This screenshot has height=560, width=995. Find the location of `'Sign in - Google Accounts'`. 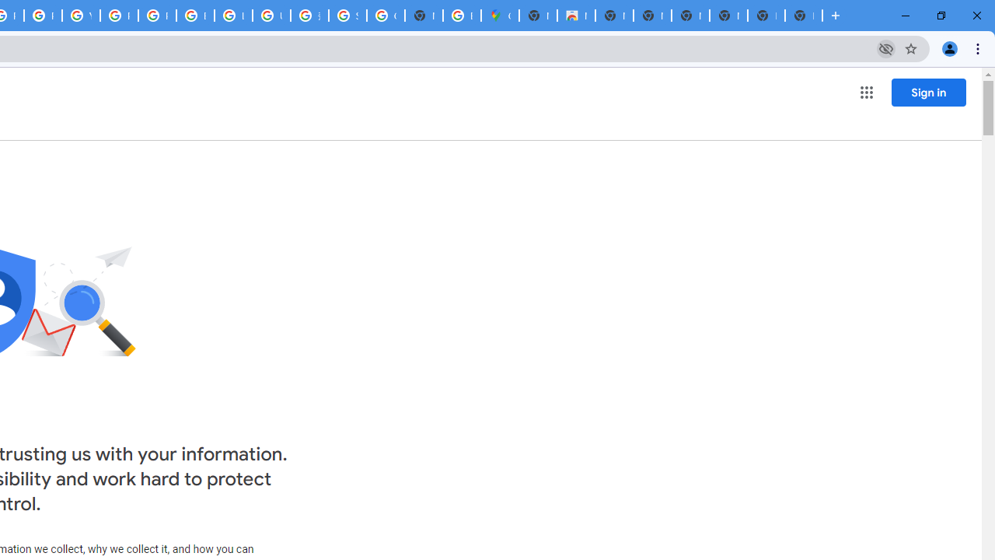

'Sign in - Google Accounts' is located at coordinates (347, 16).